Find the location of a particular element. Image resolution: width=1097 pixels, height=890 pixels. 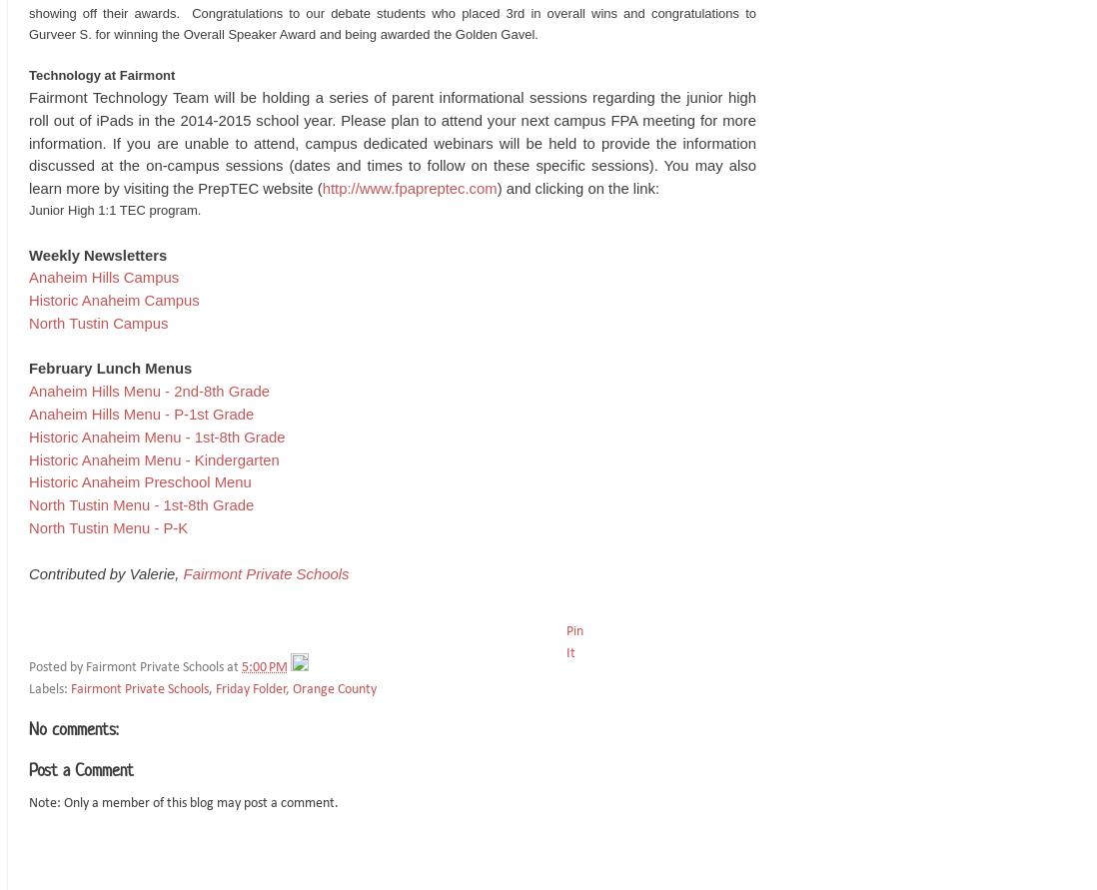

'Fairmont Technology Team will be holding a series of
parent informational sessions regarding the junior high roll out of iPads in
the 2014-2015 school year. Please plan to attend your next campus FPA meeting
for more information. If you are unable to attend, campus dedicated webinars
will be held to provide the information discussed at the on-campus sessions
(dates and times to follow on these specific sessions). You may also learn more
by visiting the PrepTEC website (' is located at coordinates (27, 142).